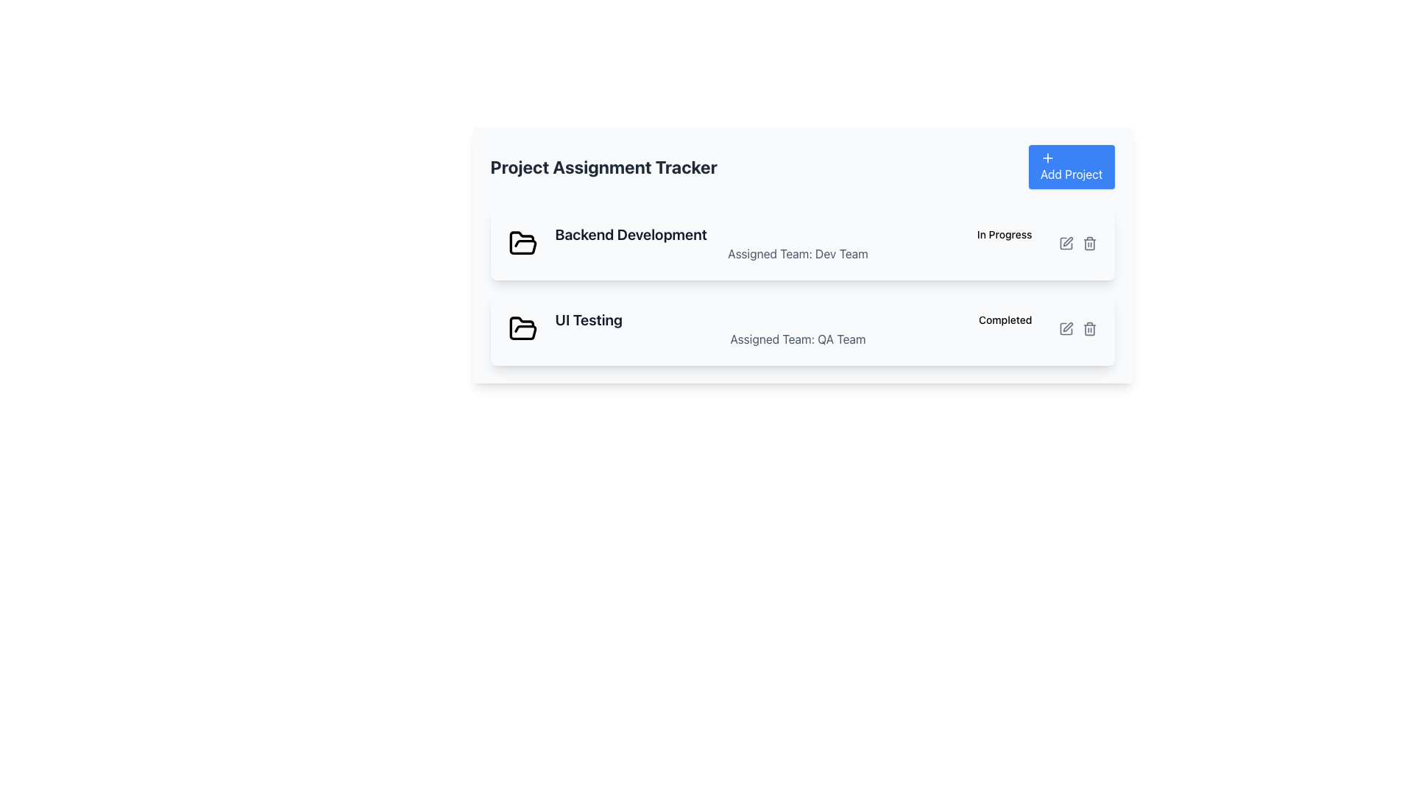  Describe the element at coordinates (797, 339) in the screenshot. I see `the text label that describes the assigned team for the 'UI Testing' project, which is located below the 'UI Testing' title in the second project card` at that location.